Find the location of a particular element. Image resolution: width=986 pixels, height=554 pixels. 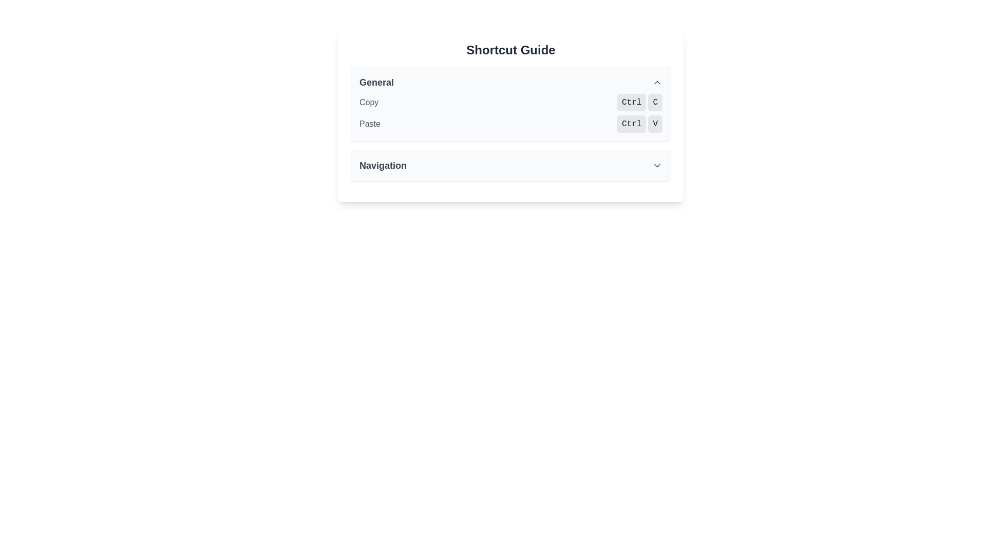

the 'General' label, which is a bold gray text header located at the upper left corner of the section is located at coordinates (376, 82).